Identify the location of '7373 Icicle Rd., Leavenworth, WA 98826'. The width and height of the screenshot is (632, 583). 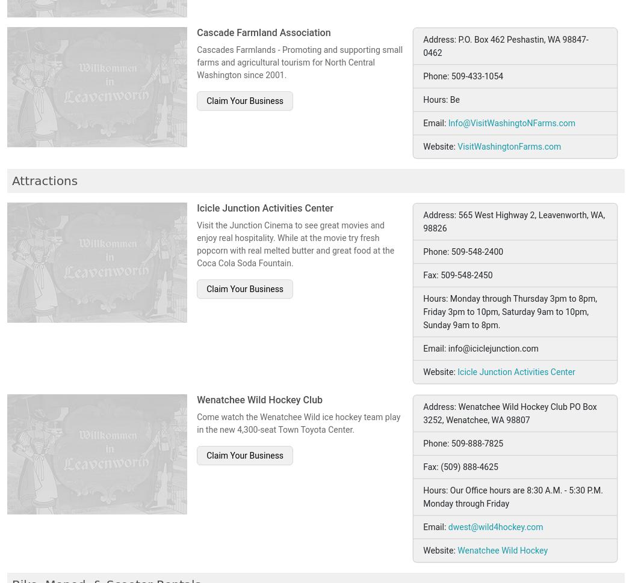
(502, 35).